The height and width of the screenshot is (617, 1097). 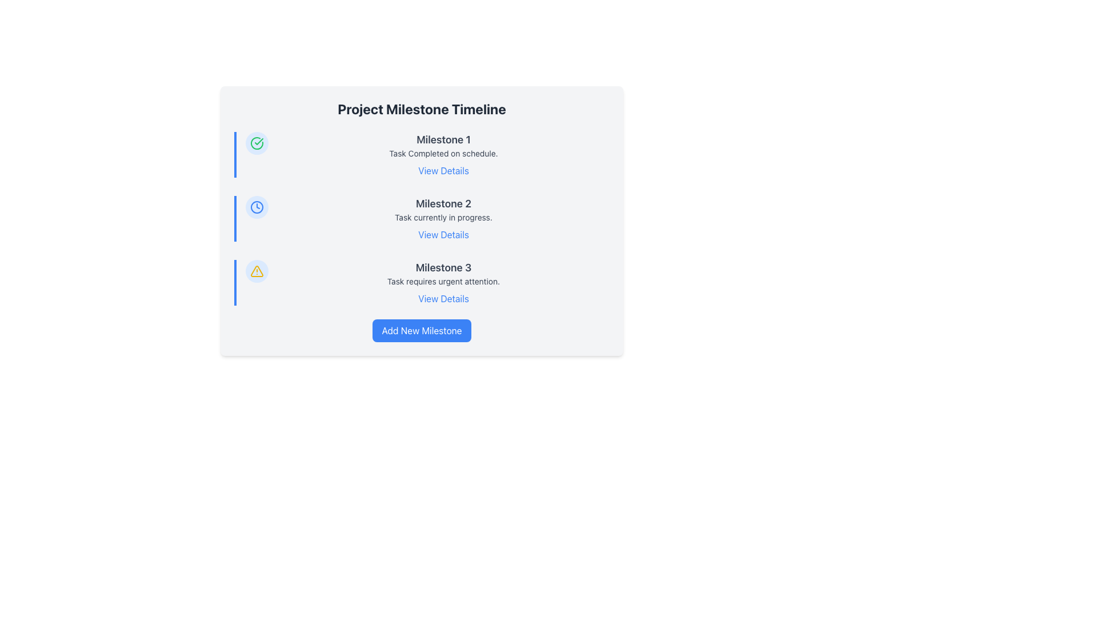 I want to click on the circular icon with a light blue background and blue clock outline, which is positioned to the left of the 'Milestone 2' heading in the list of milestones, so click(x=257, y=207).